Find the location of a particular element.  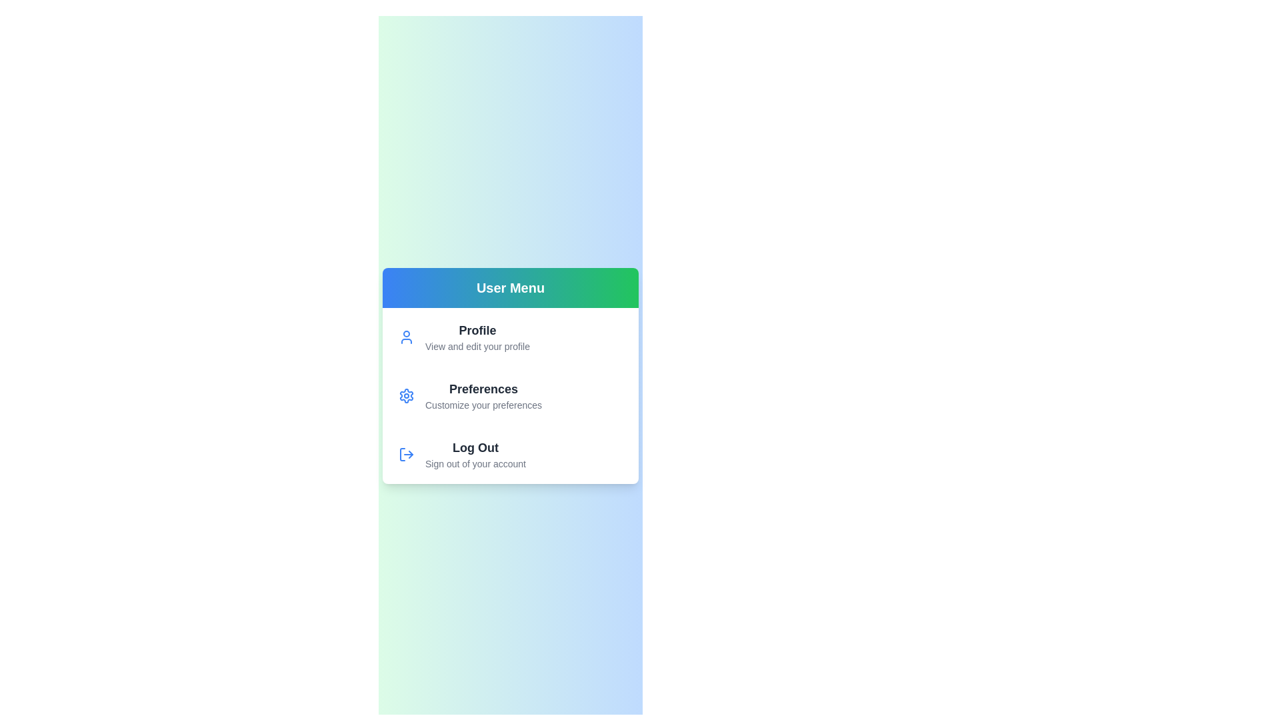

the 'Profile' option to view and edit the user profile is located at coordinates (477, 330).